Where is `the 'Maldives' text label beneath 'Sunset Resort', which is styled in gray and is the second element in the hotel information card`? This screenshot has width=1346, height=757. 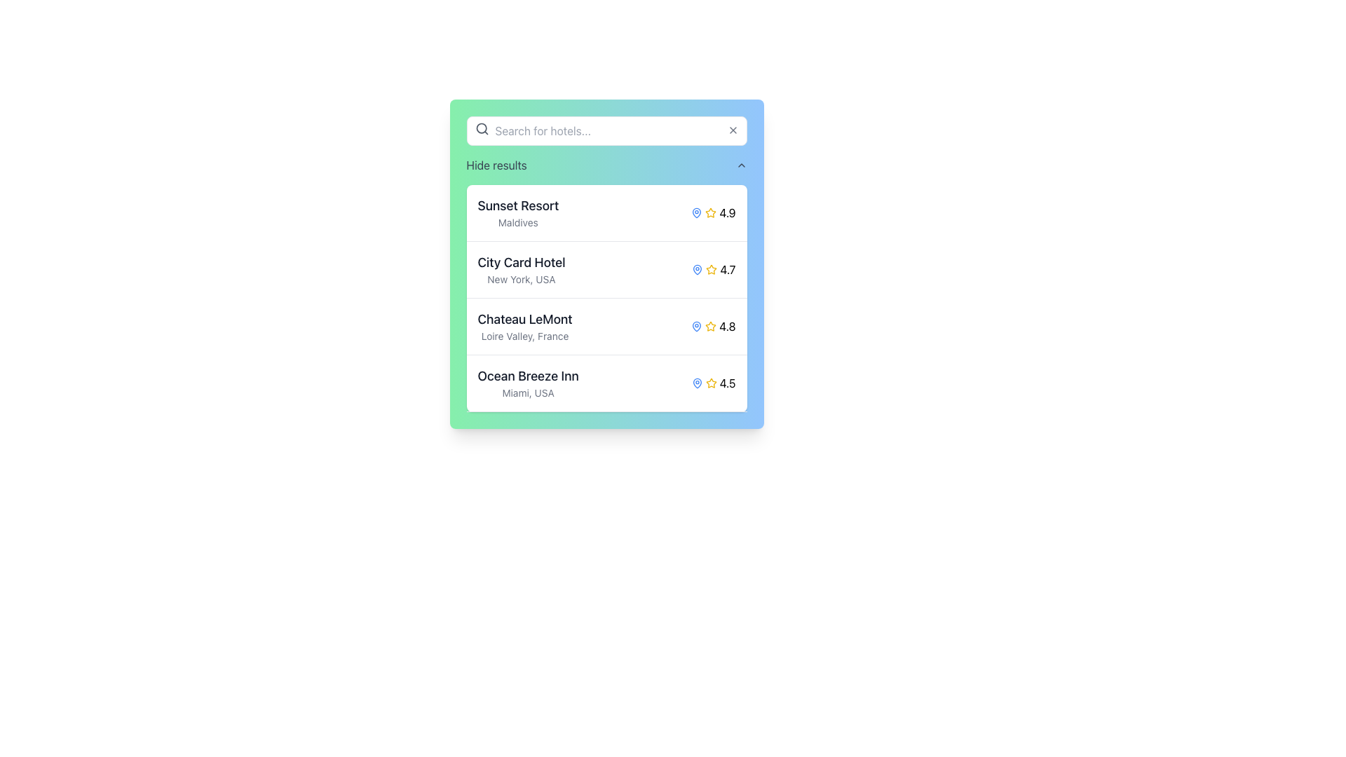 the 'Maldives' text label beneath 'Sunset Resort', which is styled in gray and is the second element in the hotel information card is located at coordinates (517, 221).